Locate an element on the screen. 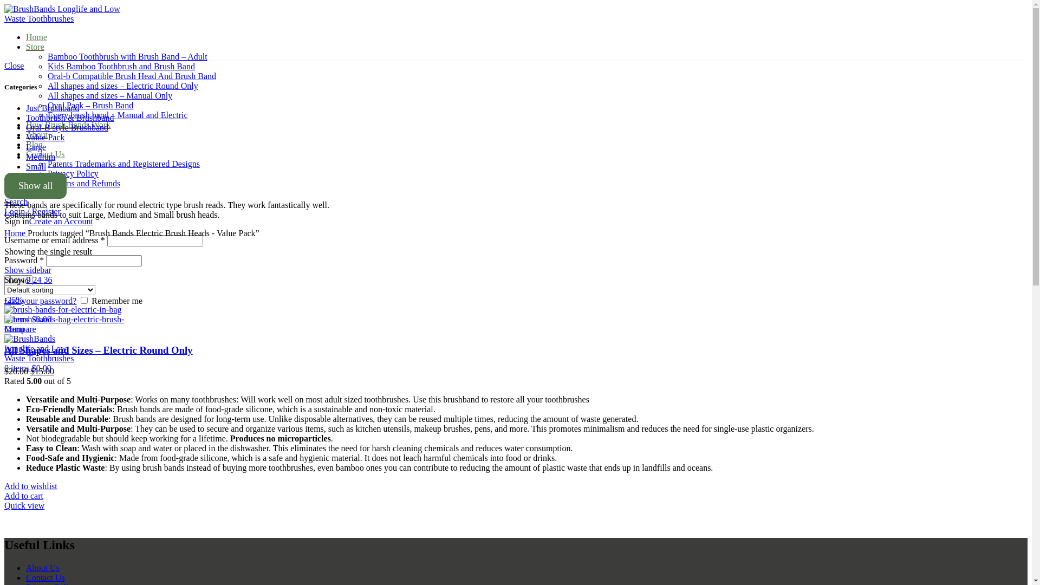 Image resolution: width=1040 pixels, height=585 pixels. '9' is located at coordinates (29, 279).